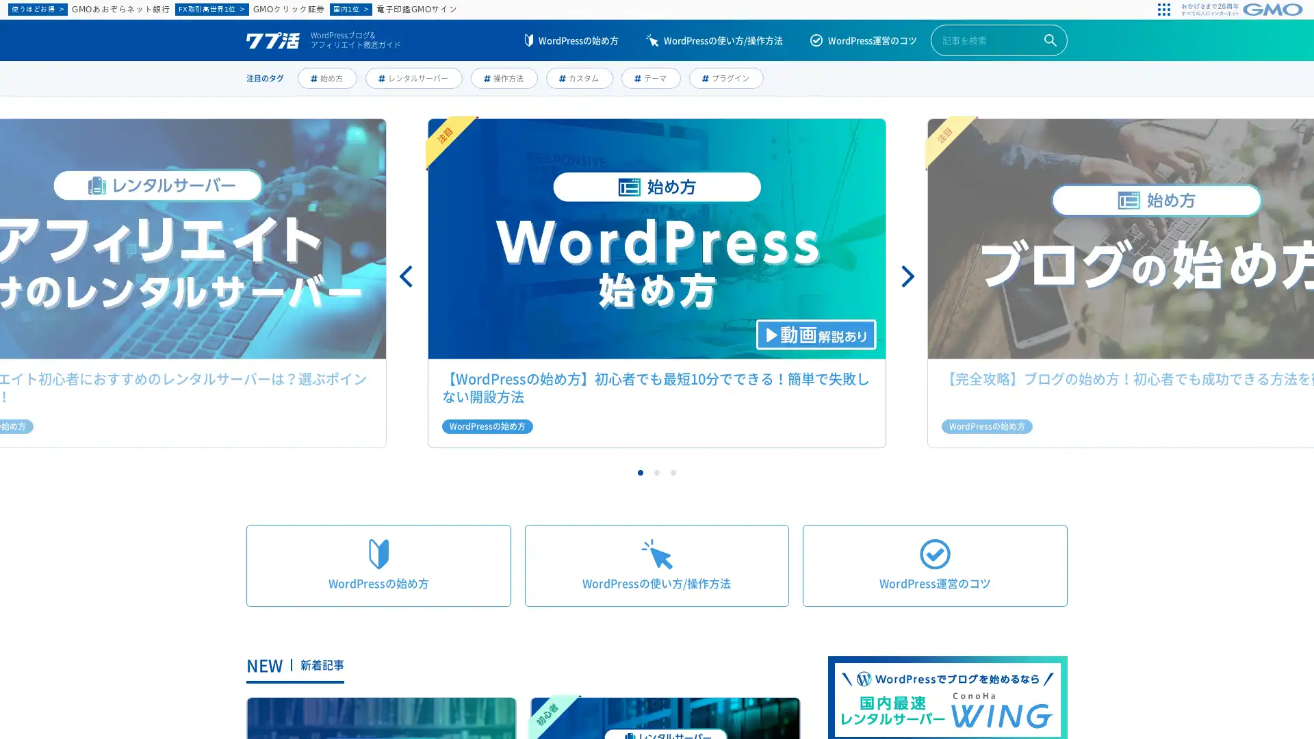  What do you see at coordinates (906, 276) in the screenshot?
I see `Next` at bounding box center [906, 276].